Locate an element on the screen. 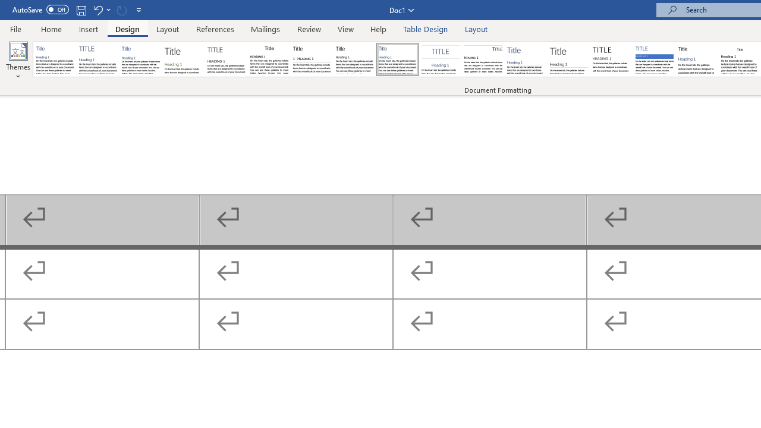 Image resolution: width=761 pixels, height=428 pixels. 'Undo Outline Move Up' is located at coordinates (98, 10).